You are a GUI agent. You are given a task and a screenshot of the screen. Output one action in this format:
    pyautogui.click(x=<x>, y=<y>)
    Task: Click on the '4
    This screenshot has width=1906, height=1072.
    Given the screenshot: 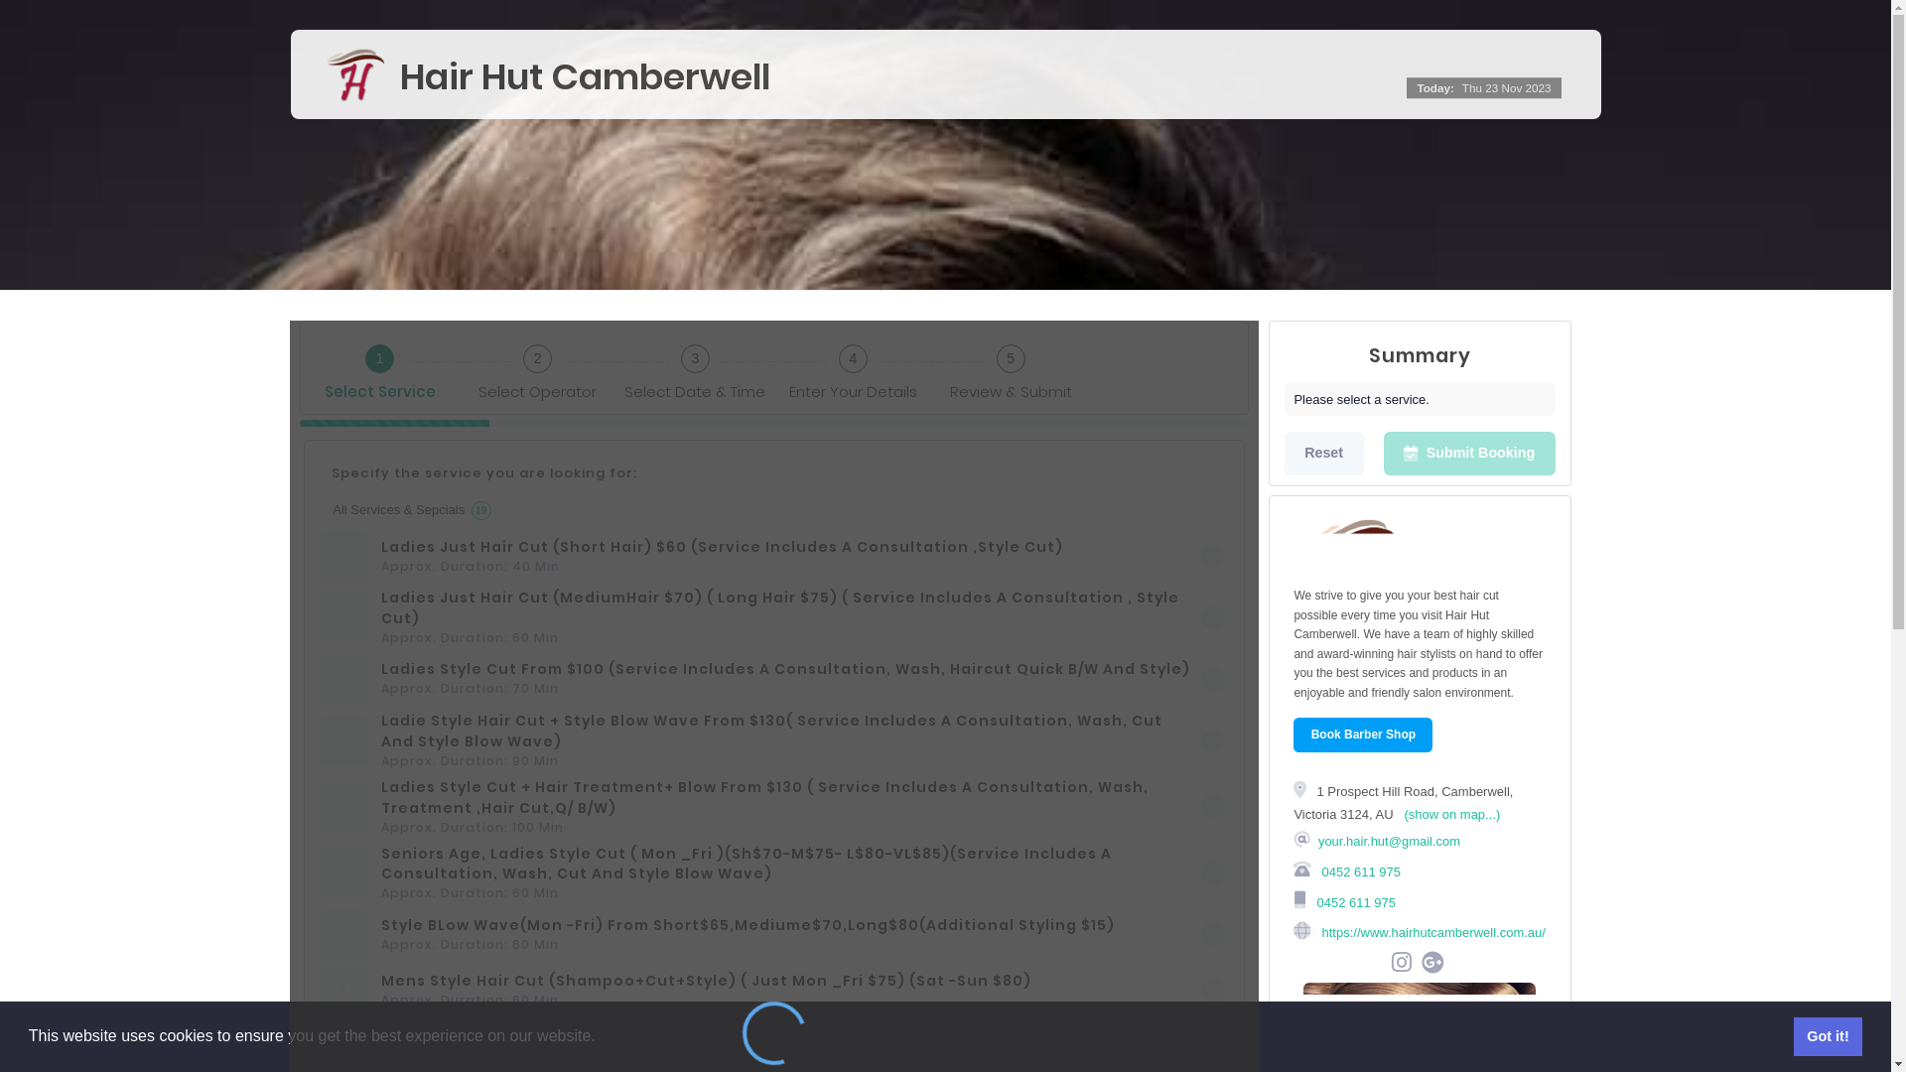 What is the action you would take?
    pyautogui.click(x=853, y=367)
    